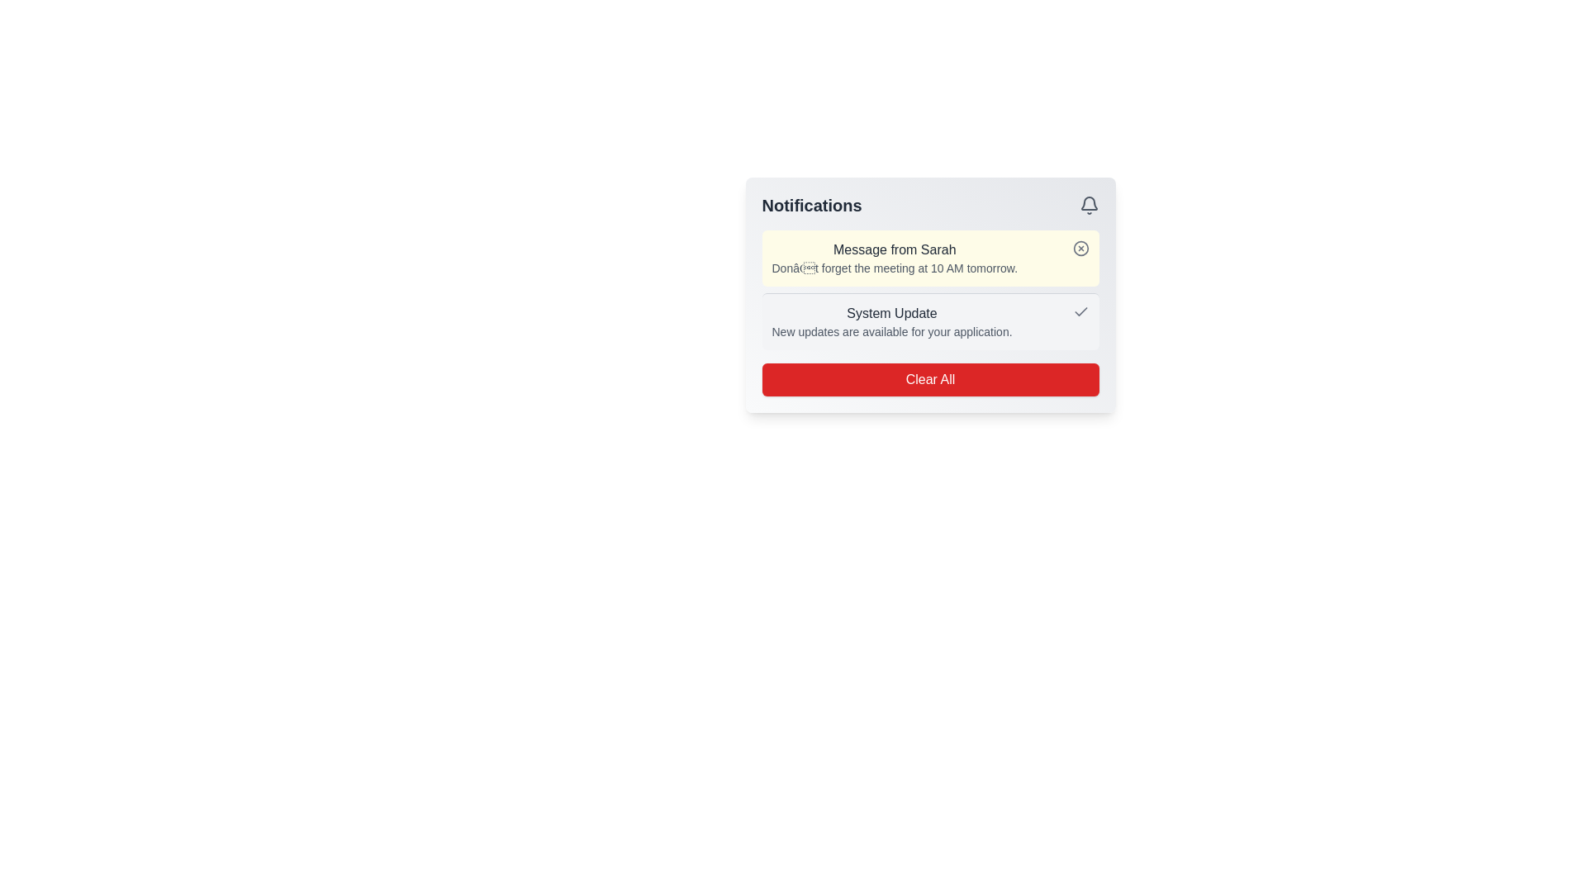  I want to click on the small gray checkmark icon located at the right end of the 'System Update' notification message, next to the text 'New updates are available for your application.', so click(1080, 312).